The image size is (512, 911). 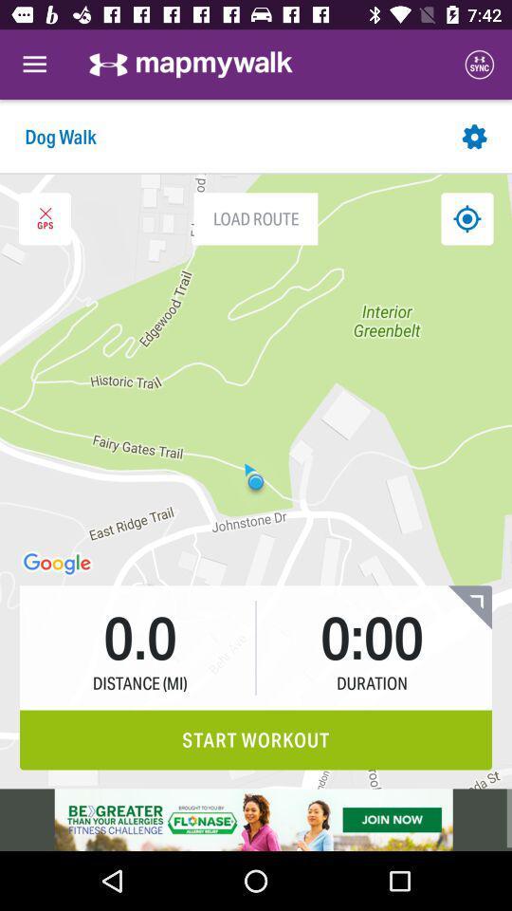 I want to click on the close icon, so click(x=45, y=218).